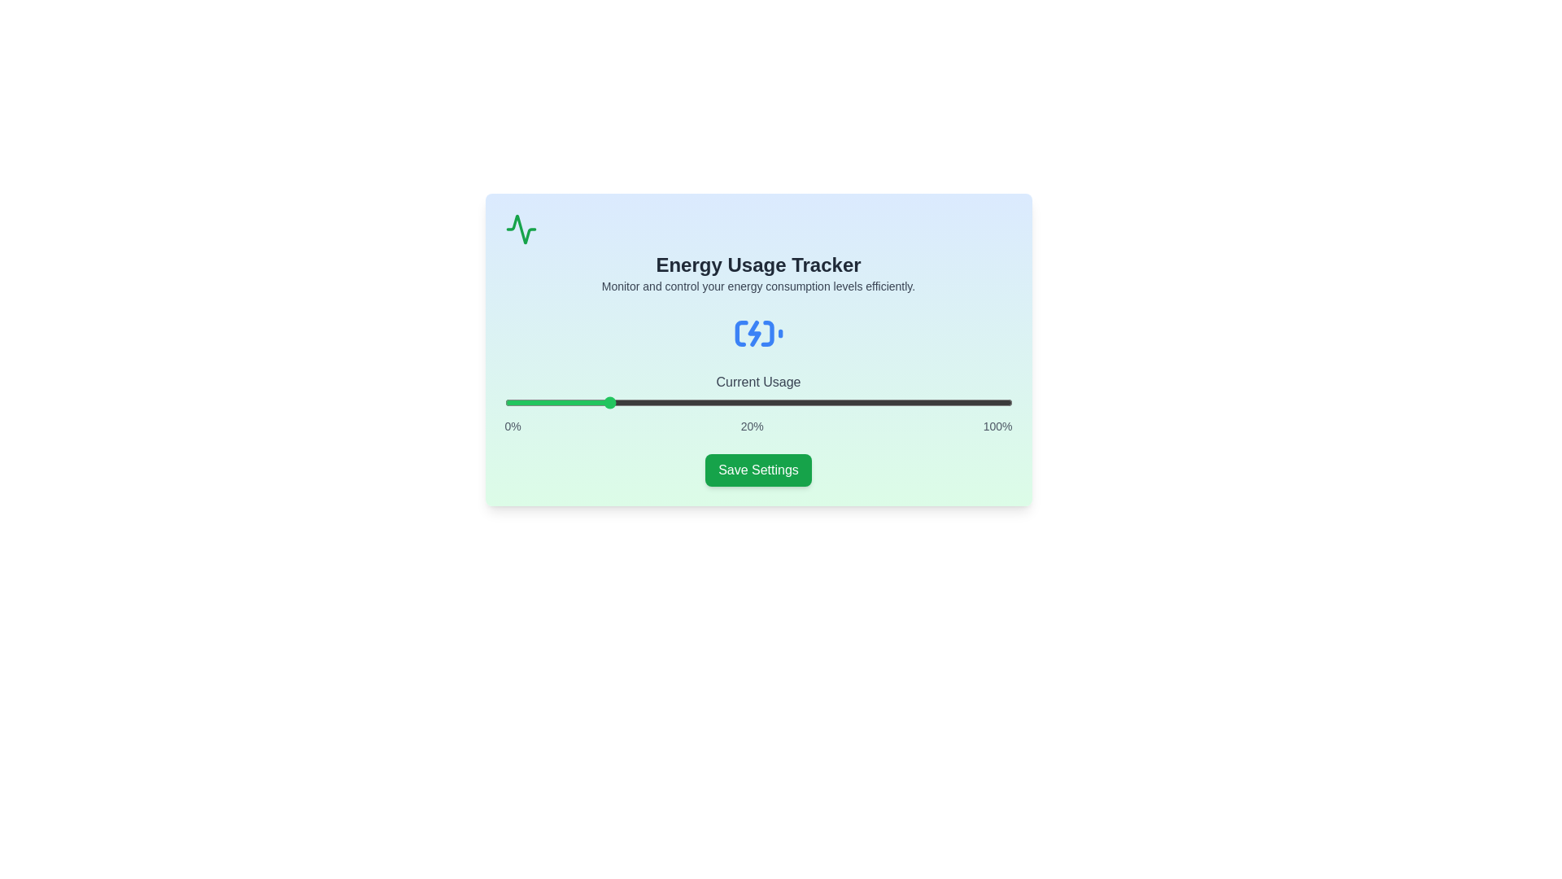 The width and height of the screenshot is (1562, 879). What do you see at coordinates (931, 402) in the screenshot?
I see `the energy usage slider to 84%` at bounding box center [931, 402].